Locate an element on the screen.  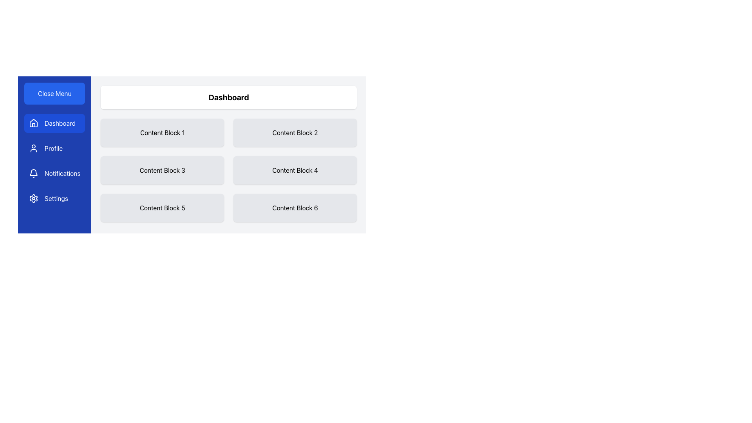
the close button in the sidebar menu, positioned at the top with a blue background is located at coordinates (54, 93).